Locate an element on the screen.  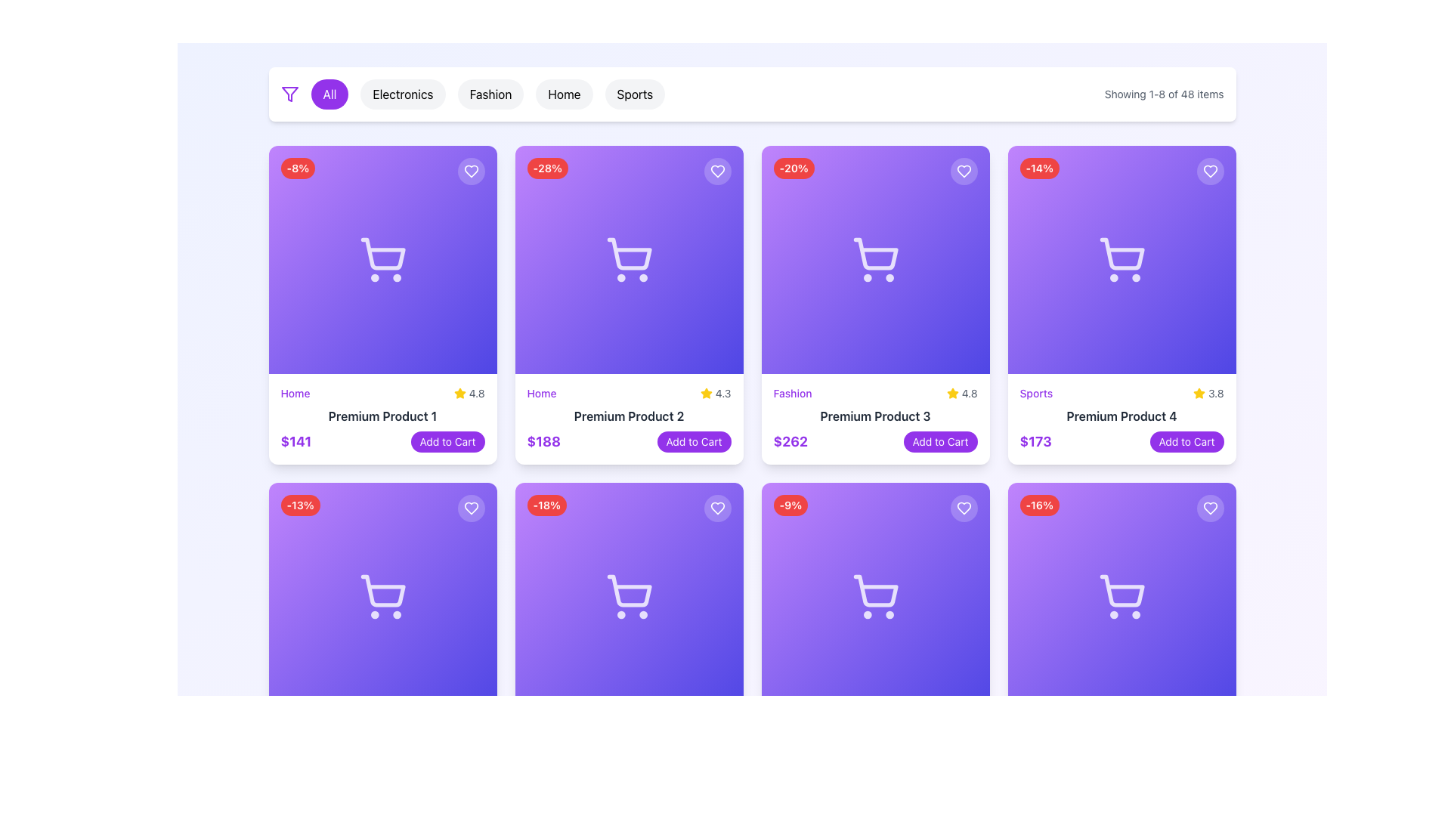
the Text Label that serves as the title or name of a product, located in the third column of the top row in a grid layout, within a card component is located at coordinates (875, 416).